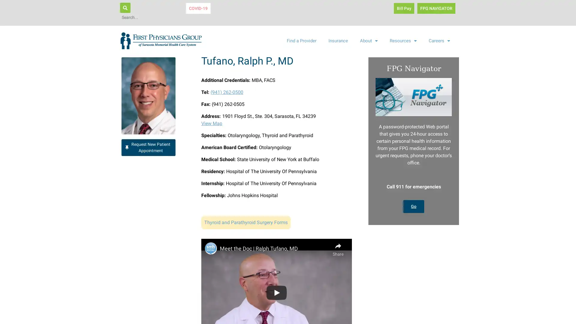 This screenshot has width=576, height=324. What do you see at coordinates (198, 8) in the screenshot?
I see `COVID-19` at bounding box center [198, 8].